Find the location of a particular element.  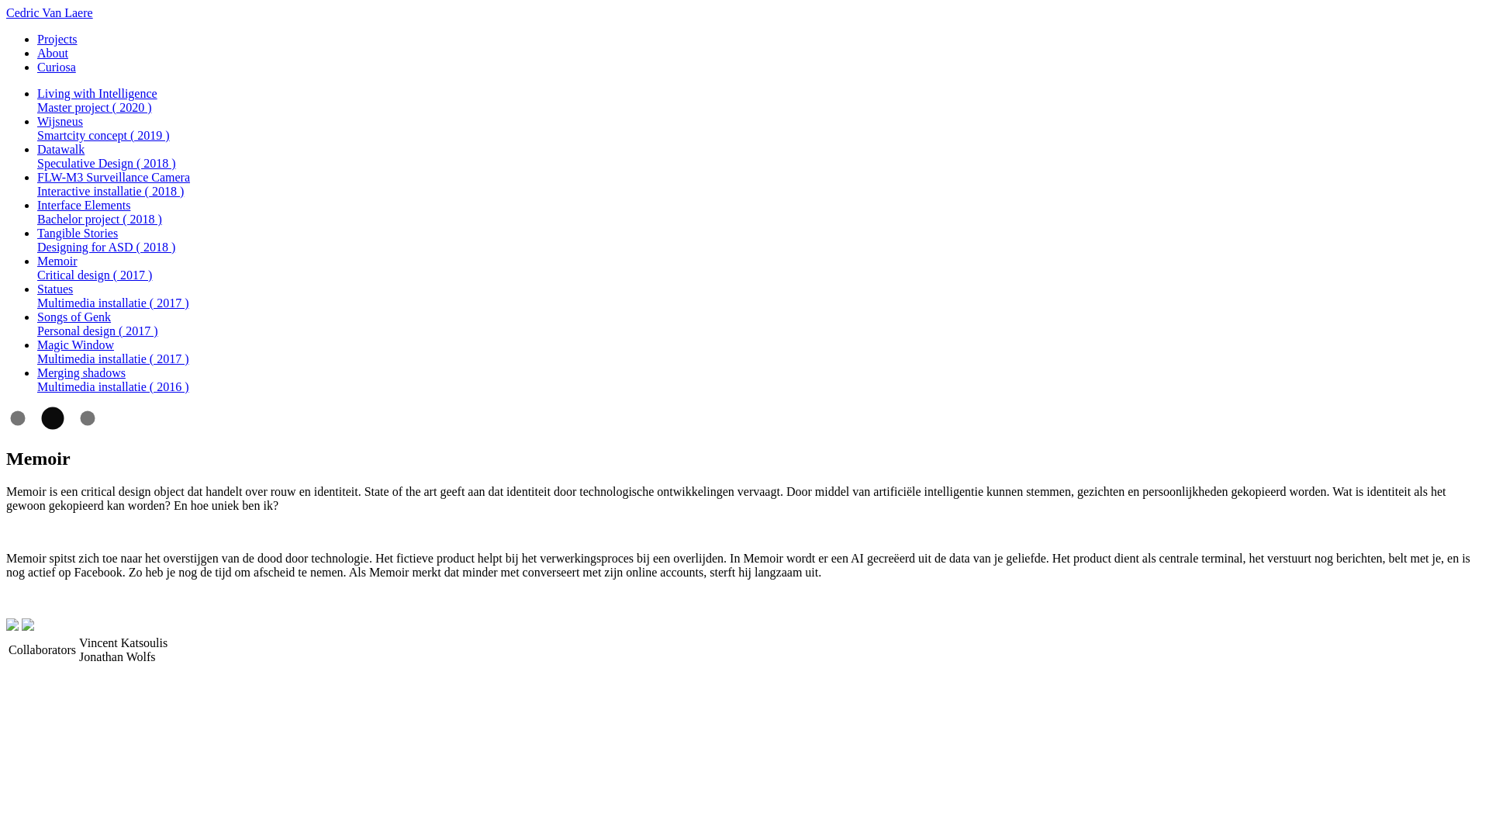

'Speculative Design ( 2018 )' is located at coordinates (105, 163).